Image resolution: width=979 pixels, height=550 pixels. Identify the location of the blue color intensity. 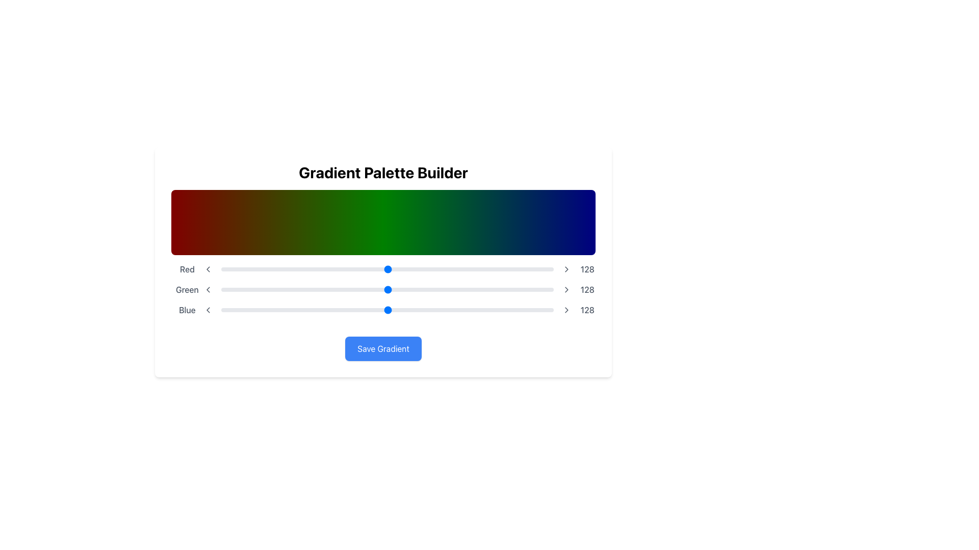
(244, 308).